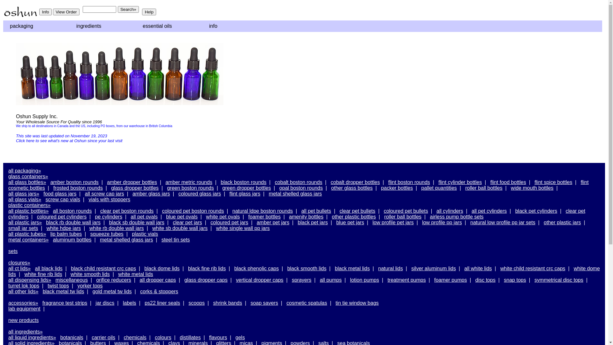 The image size is (613, 345). What do you see at coordinates (92, 291) in the screenshot?
I see `'gold metal tw lids'` at bounding box center [92, 291].